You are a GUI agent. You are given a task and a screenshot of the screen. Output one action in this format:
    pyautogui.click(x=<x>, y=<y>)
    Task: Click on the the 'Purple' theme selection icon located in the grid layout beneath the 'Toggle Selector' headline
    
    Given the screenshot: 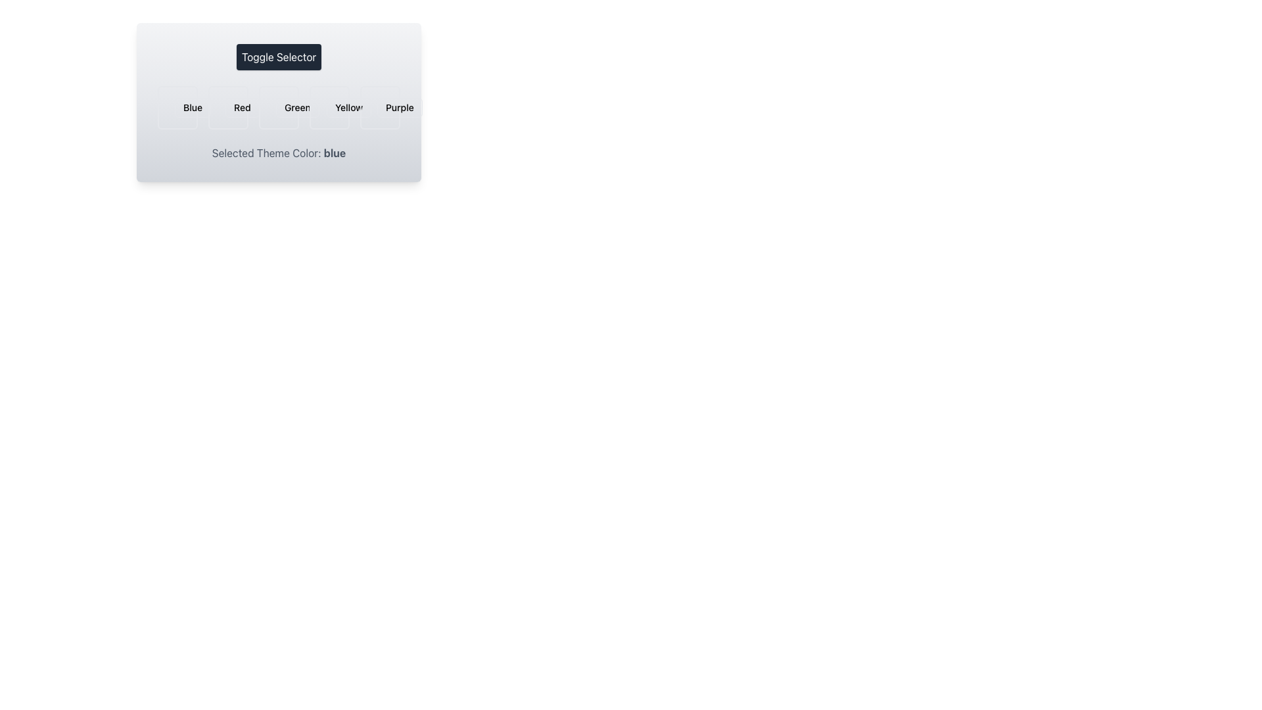 What is the action you would take?
    pyautogui.click(x=379, y=107)
    